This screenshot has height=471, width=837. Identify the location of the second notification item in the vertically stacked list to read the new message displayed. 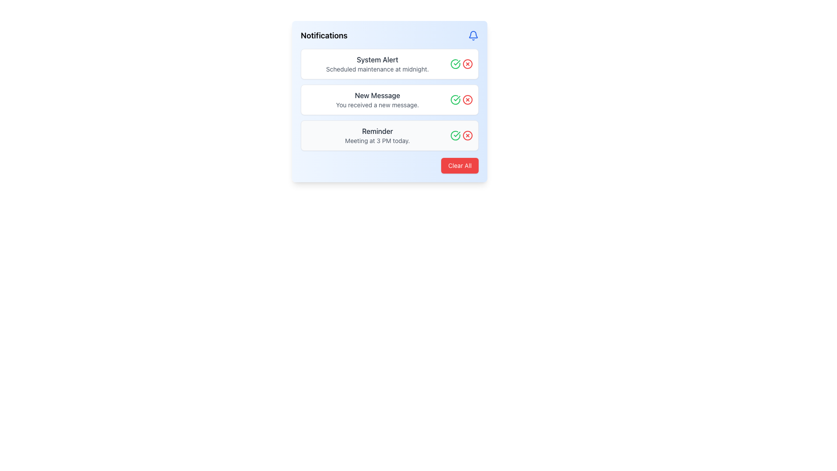
(377, 99).